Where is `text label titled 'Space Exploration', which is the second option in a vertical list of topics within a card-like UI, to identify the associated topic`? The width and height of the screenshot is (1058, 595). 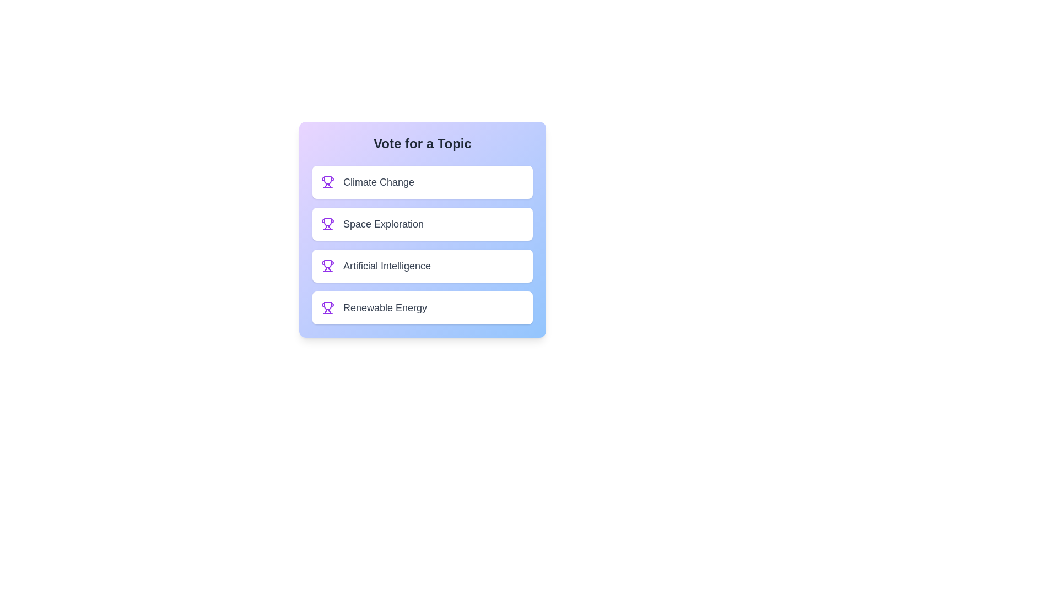 text label titled 'Space Exploration', which is the second option in a vertical list of topics within a card-like UI, to identify the associated topic is located at coordinates (384, 224).